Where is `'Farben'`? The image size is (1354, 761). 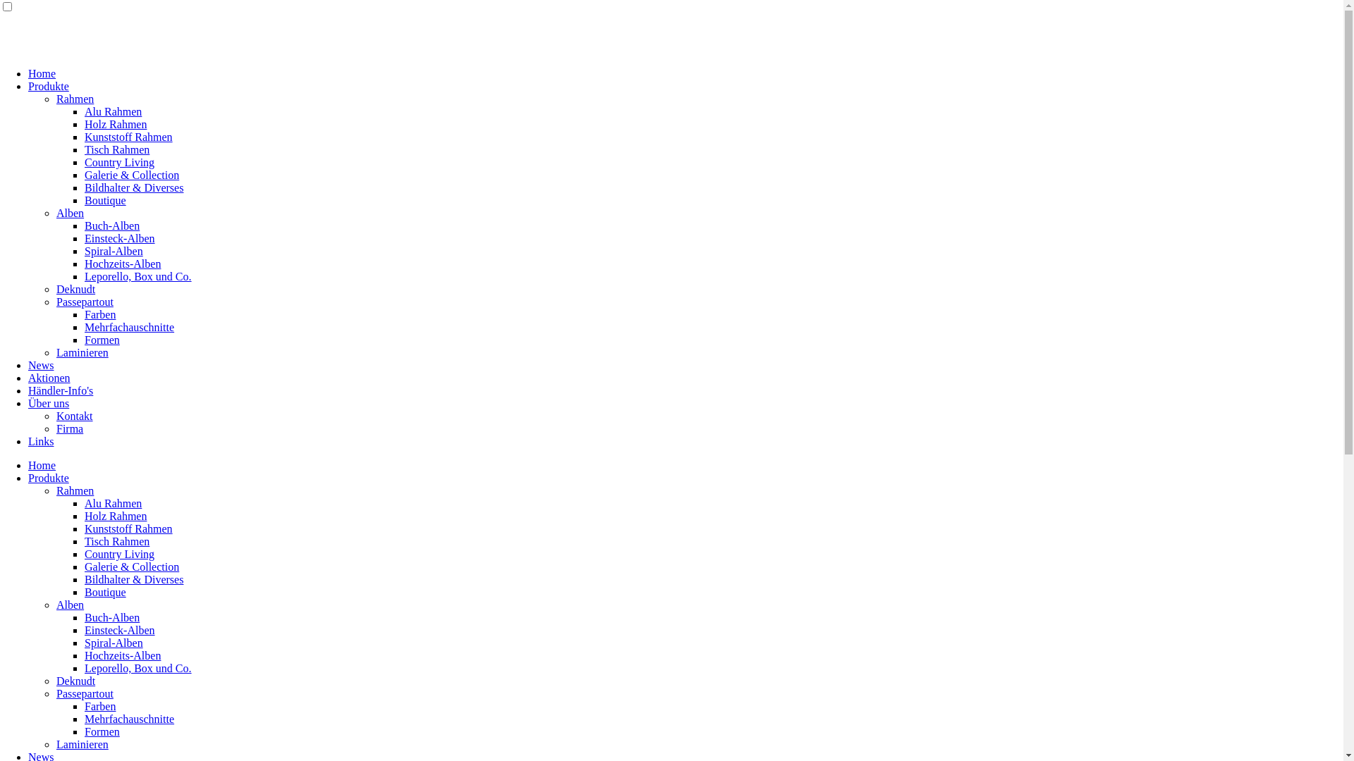 'Farben' is located at coordinates (99, 314).